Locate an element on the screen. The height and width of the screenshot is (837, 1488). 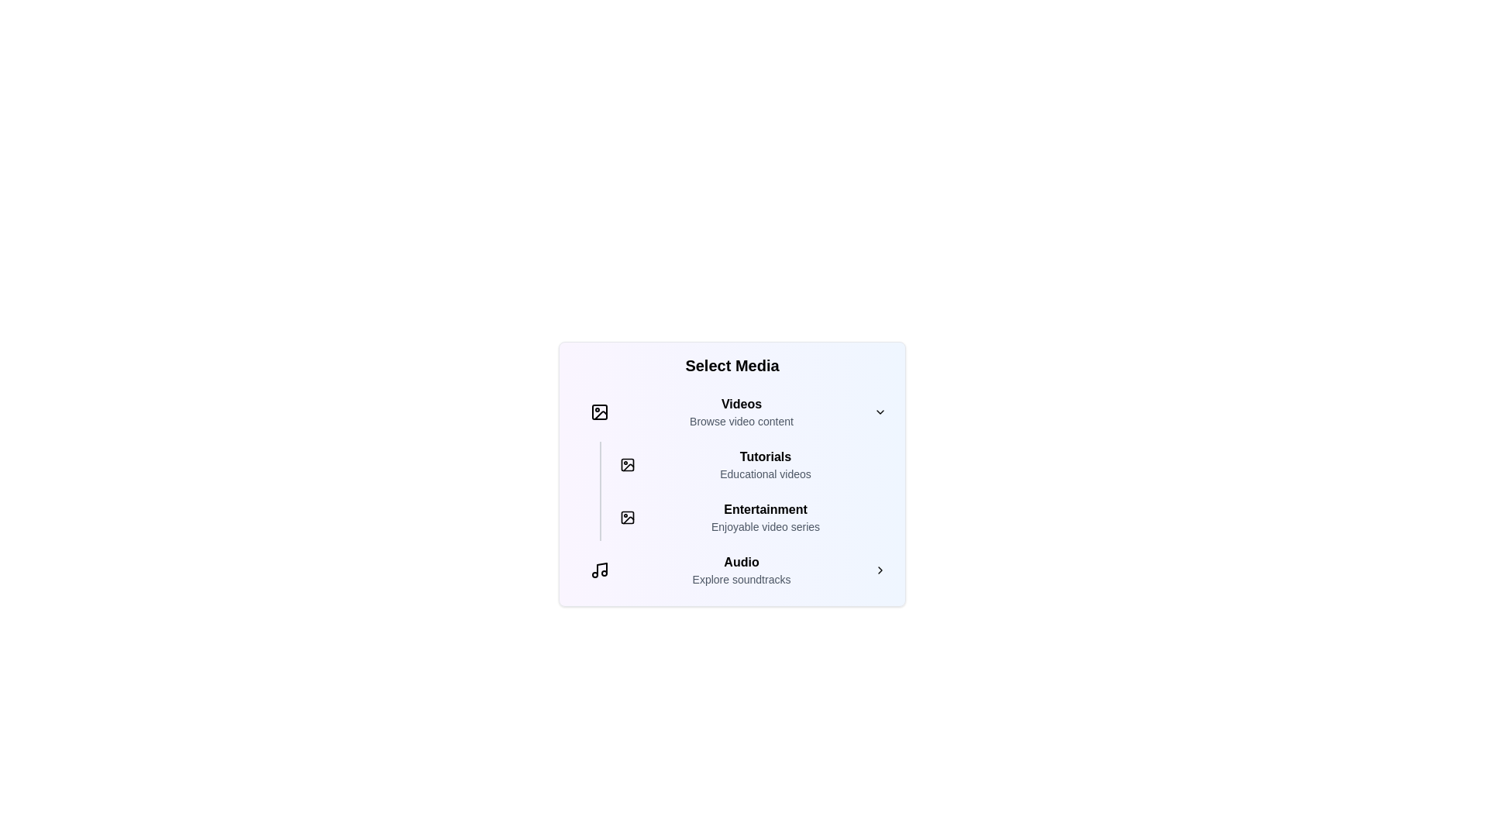
the 'Audio' option in the vertically structured menu under the header 'Select Media', which is the fourth option from the top, located below 'Entertainment' is located at coordinates (740, 570).